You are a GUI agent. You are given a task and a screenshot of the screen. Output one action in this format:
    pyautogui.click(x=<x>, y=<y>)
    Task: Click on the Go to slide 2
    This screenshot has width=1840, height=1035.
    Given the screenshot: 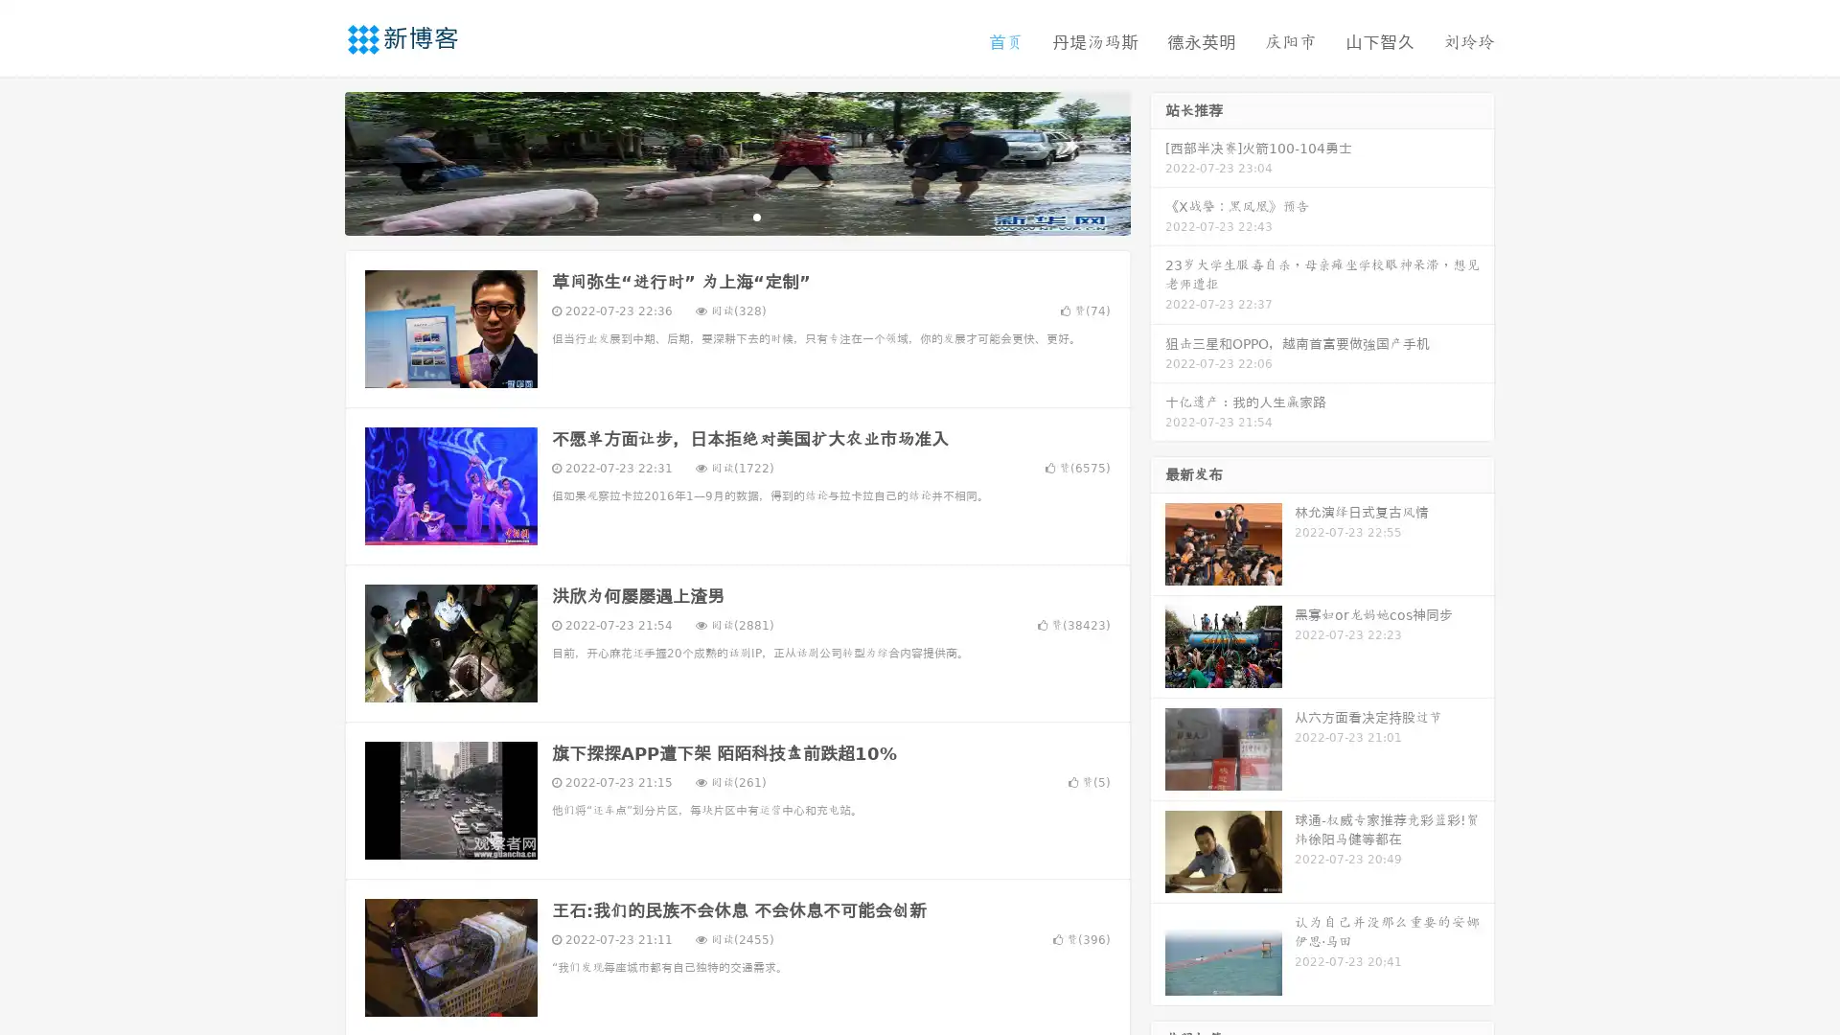 What is the action you would take?
    pyautogui.click(x=736, y=216)
    